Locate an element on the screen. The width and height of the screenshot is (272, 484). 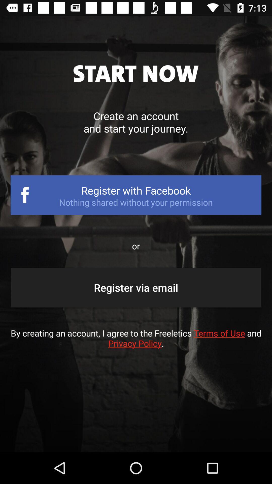
item below the register via email item is located at coordinates (136, 343).